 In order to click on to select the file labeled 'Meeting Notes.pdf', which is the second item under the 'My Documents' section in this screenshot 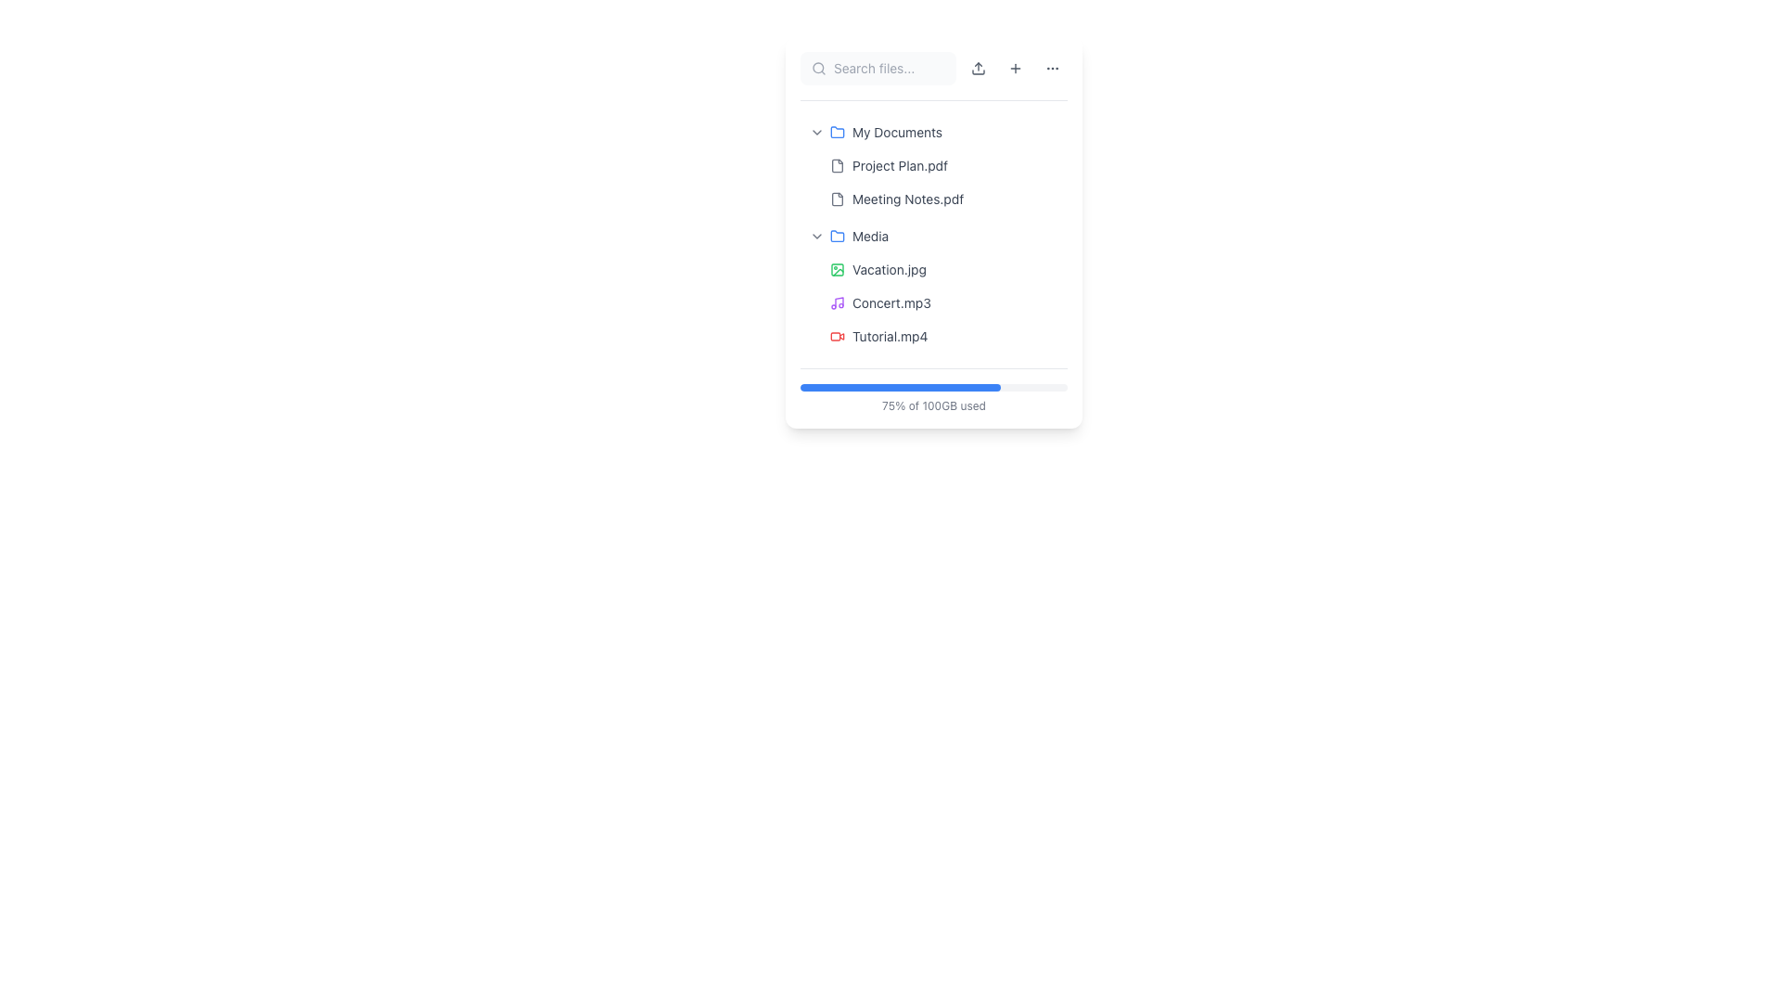, I will do `click(908, 199)`.